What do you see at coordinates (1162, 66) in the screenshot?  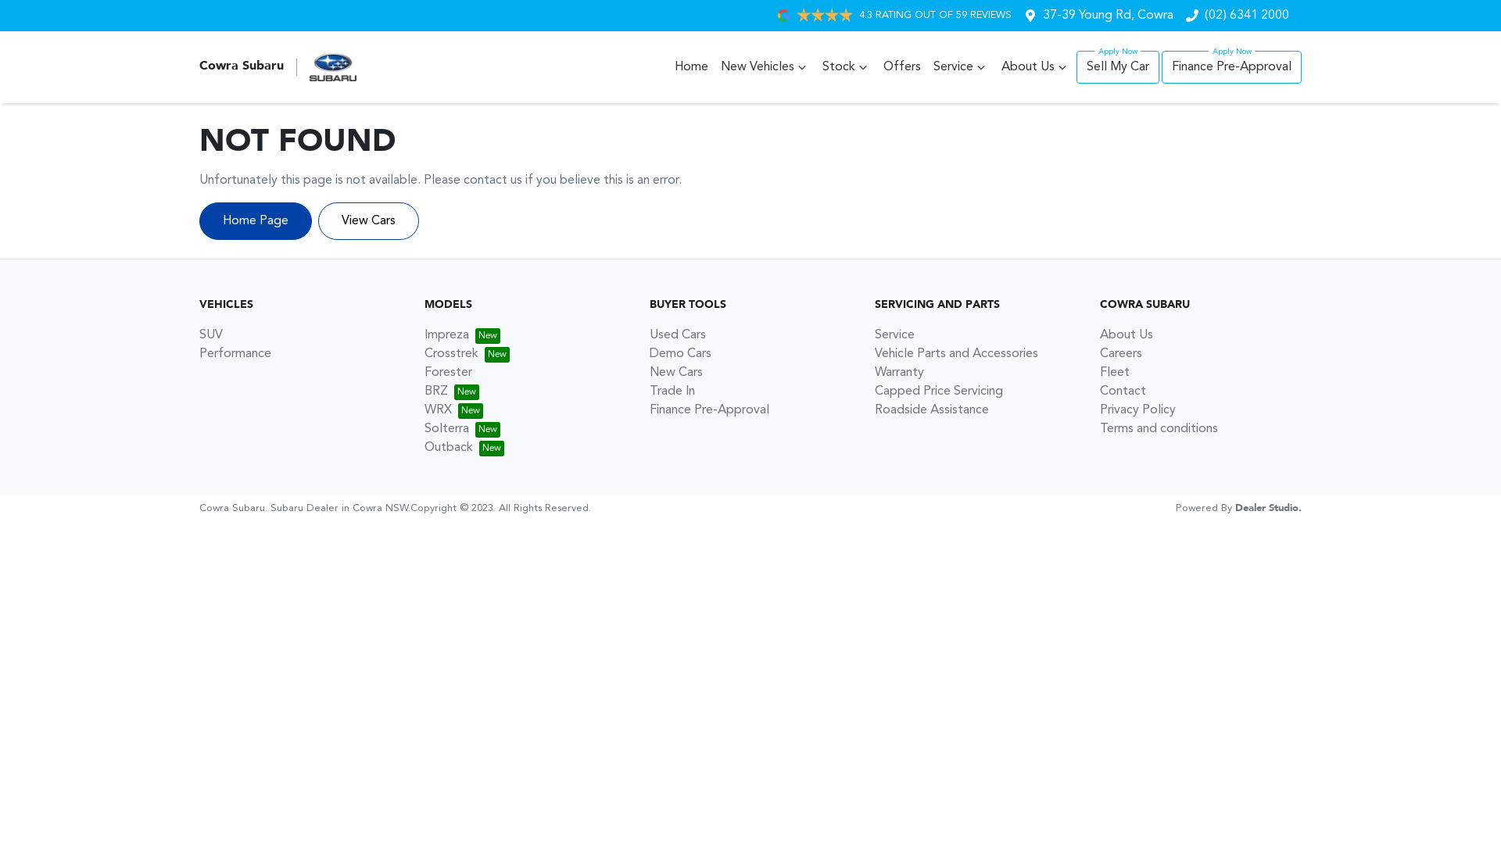 I see `'Finance Pre-Approval'` at bounding box center [1162, 66].